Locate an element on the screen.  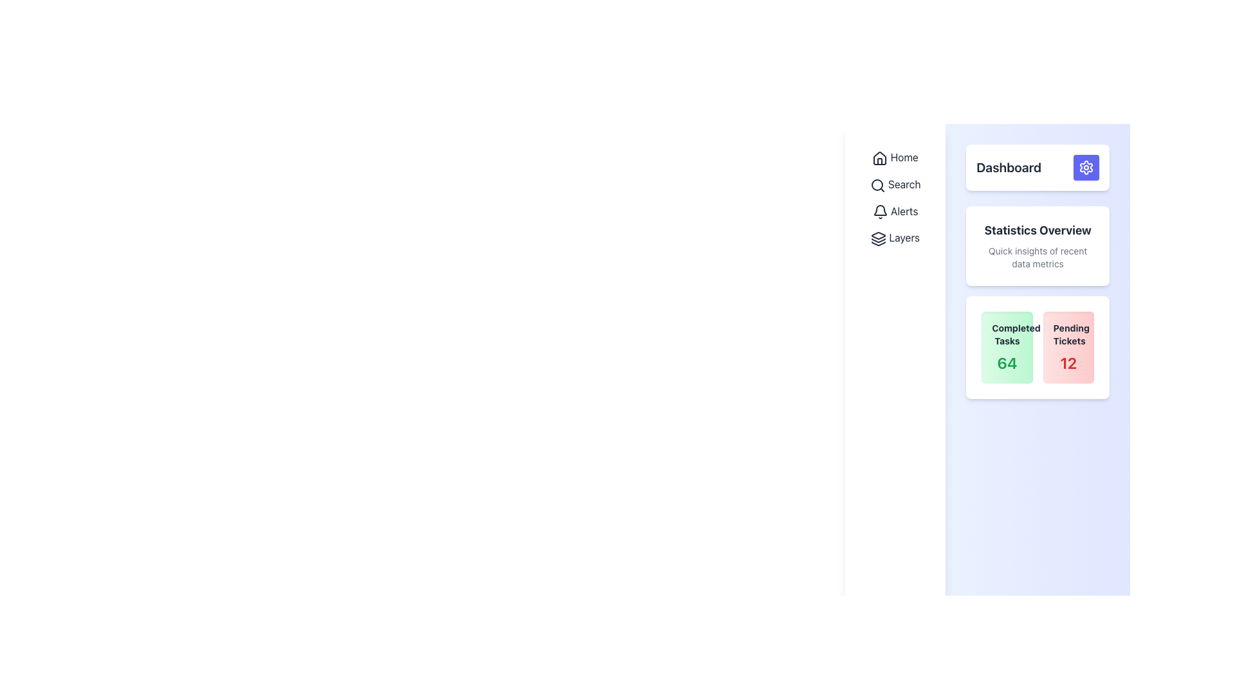
the icon resembling stacked layers located in the left sidebar menu, which is positioned to the right of the text label 'Layers' is located at coordinates (878, 239).